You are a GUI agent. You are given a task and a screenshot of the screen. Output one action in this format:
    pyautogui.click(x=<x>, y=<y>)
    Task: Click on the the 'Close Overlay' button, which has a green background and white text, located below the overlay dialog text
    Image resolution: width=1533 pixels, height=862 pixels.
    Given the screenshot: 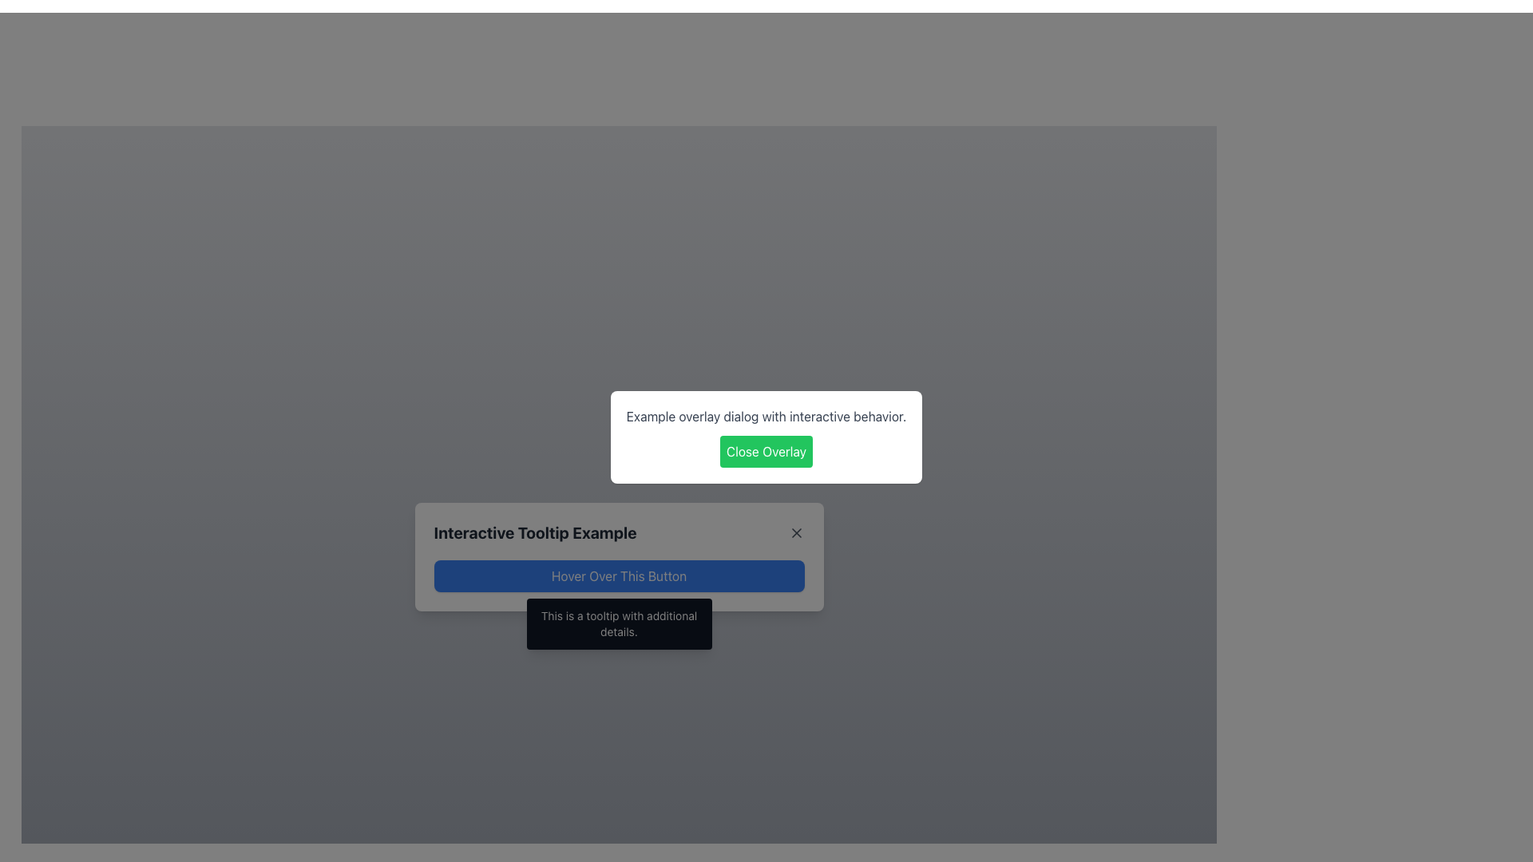 What is the action you would take?
    pyautogui.click(x=766, y=452)
    